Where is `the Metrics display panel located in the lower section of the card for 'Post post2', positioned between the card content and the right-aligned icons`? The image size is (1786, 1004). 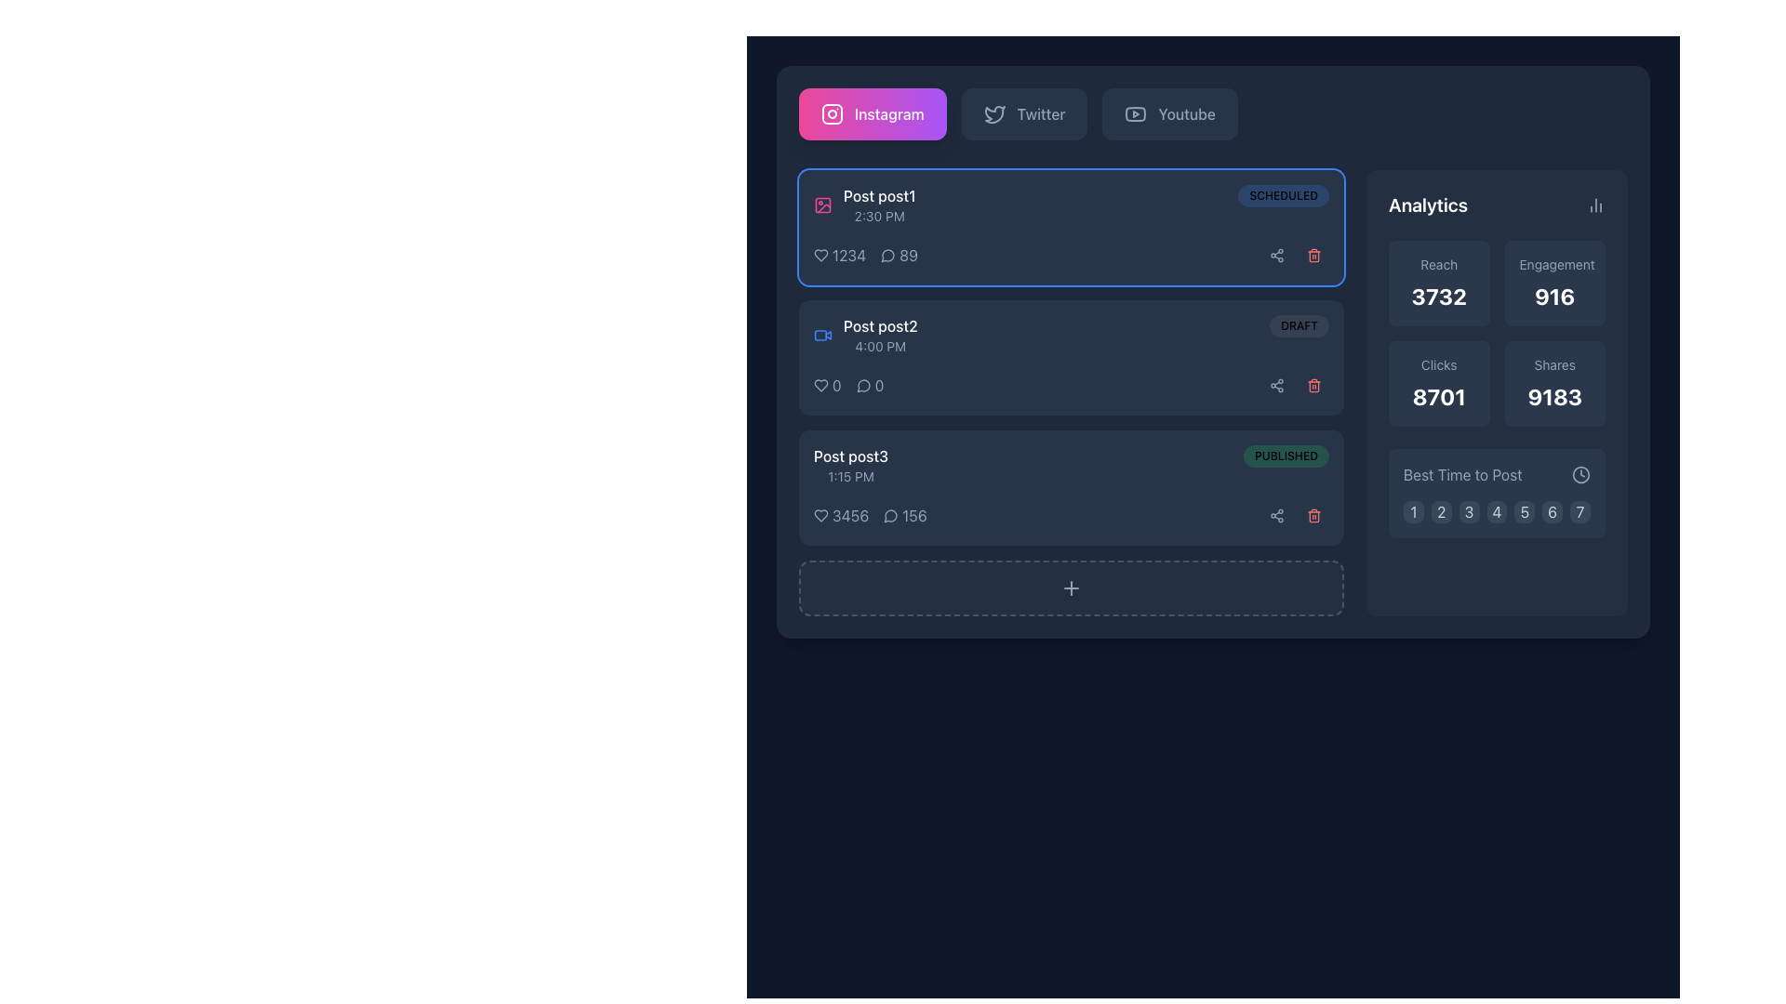 the Metrics display panel located in the lower section of the card for 'Post post2', positioned between the card content and the right-aligned icons is located at coordinates (847, 385).